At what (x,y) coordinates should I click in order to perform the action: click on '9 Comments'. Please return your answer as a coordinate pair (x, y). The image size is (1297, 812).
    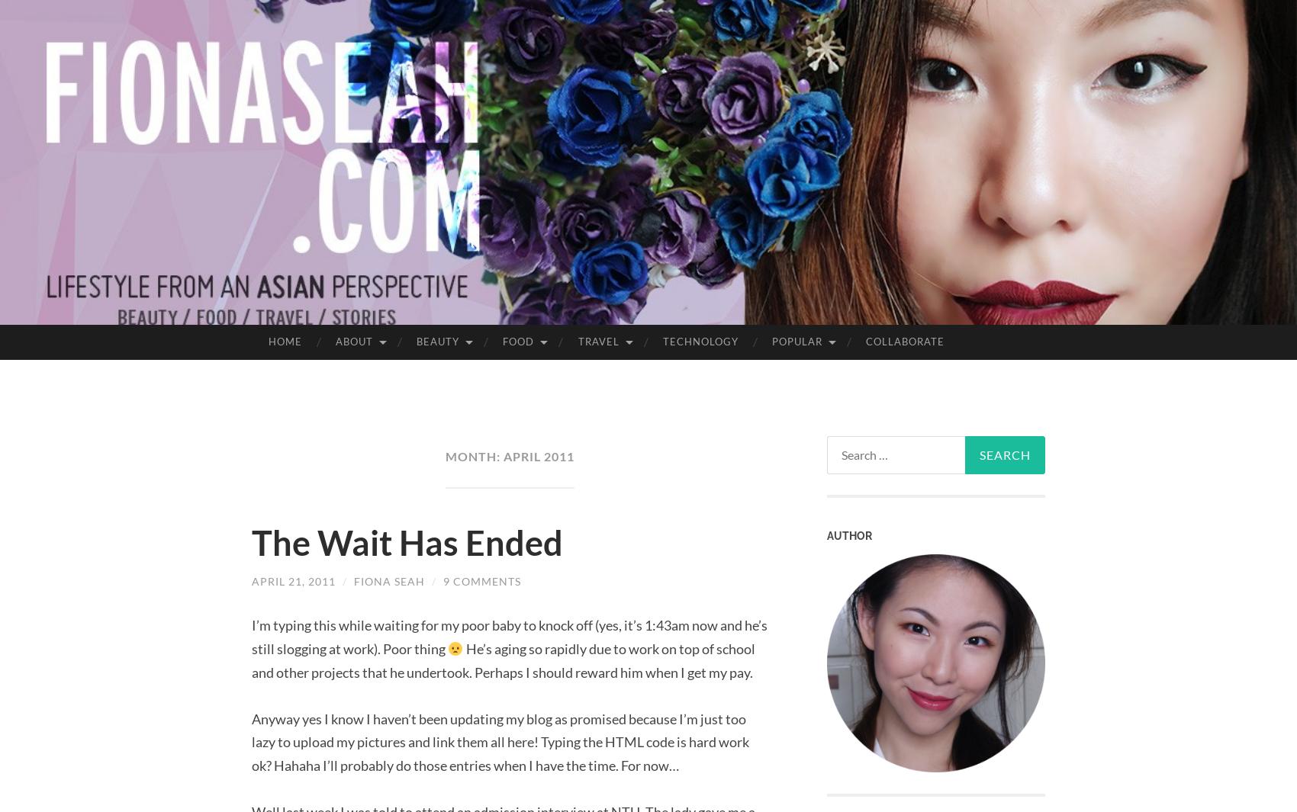
    Looking at the image, I should click on (481, 580).